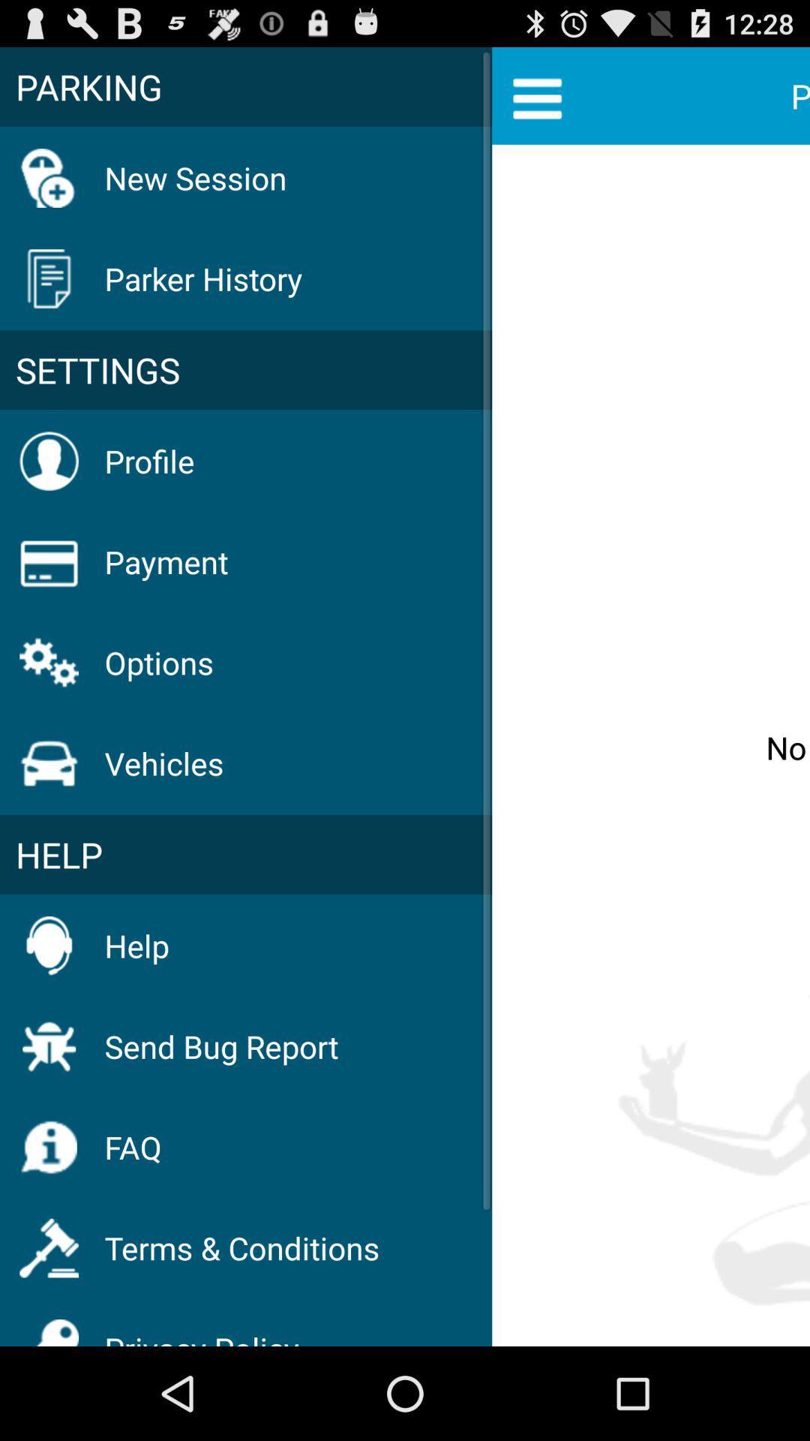 Image resolution: width=810 pixels, height=1441 pixels. Describe the element at coordinates (166, 561) in the screenshot. I see `the item above options icon` at that location.